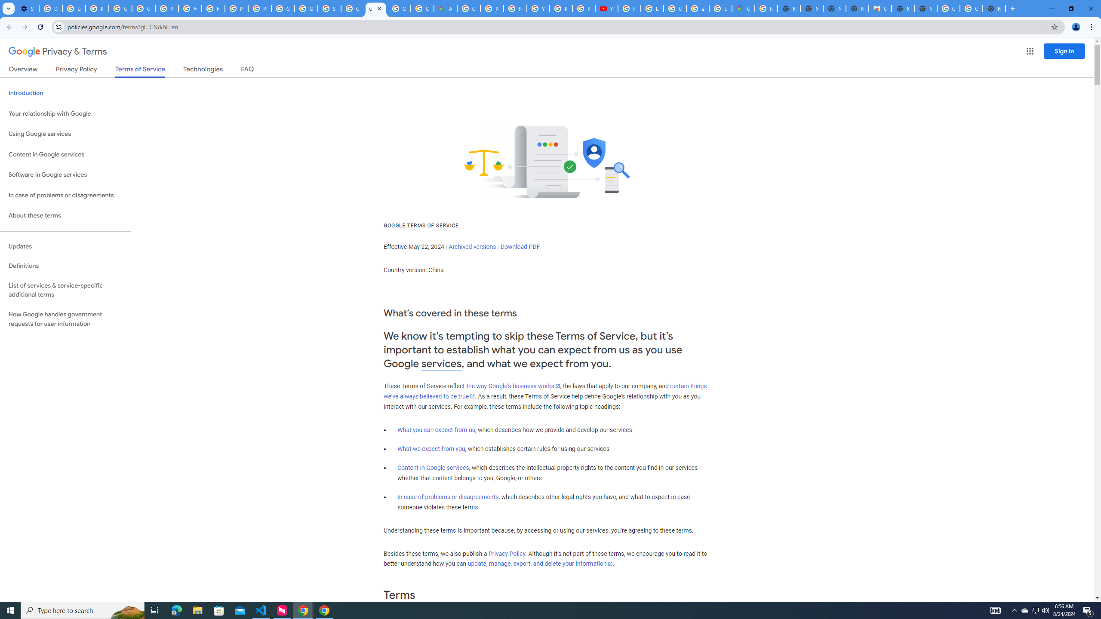  What do you see at coordinates (433, 467) in the screenshot?
I see `'Content in Google services'` at bounding box center [433, 467].